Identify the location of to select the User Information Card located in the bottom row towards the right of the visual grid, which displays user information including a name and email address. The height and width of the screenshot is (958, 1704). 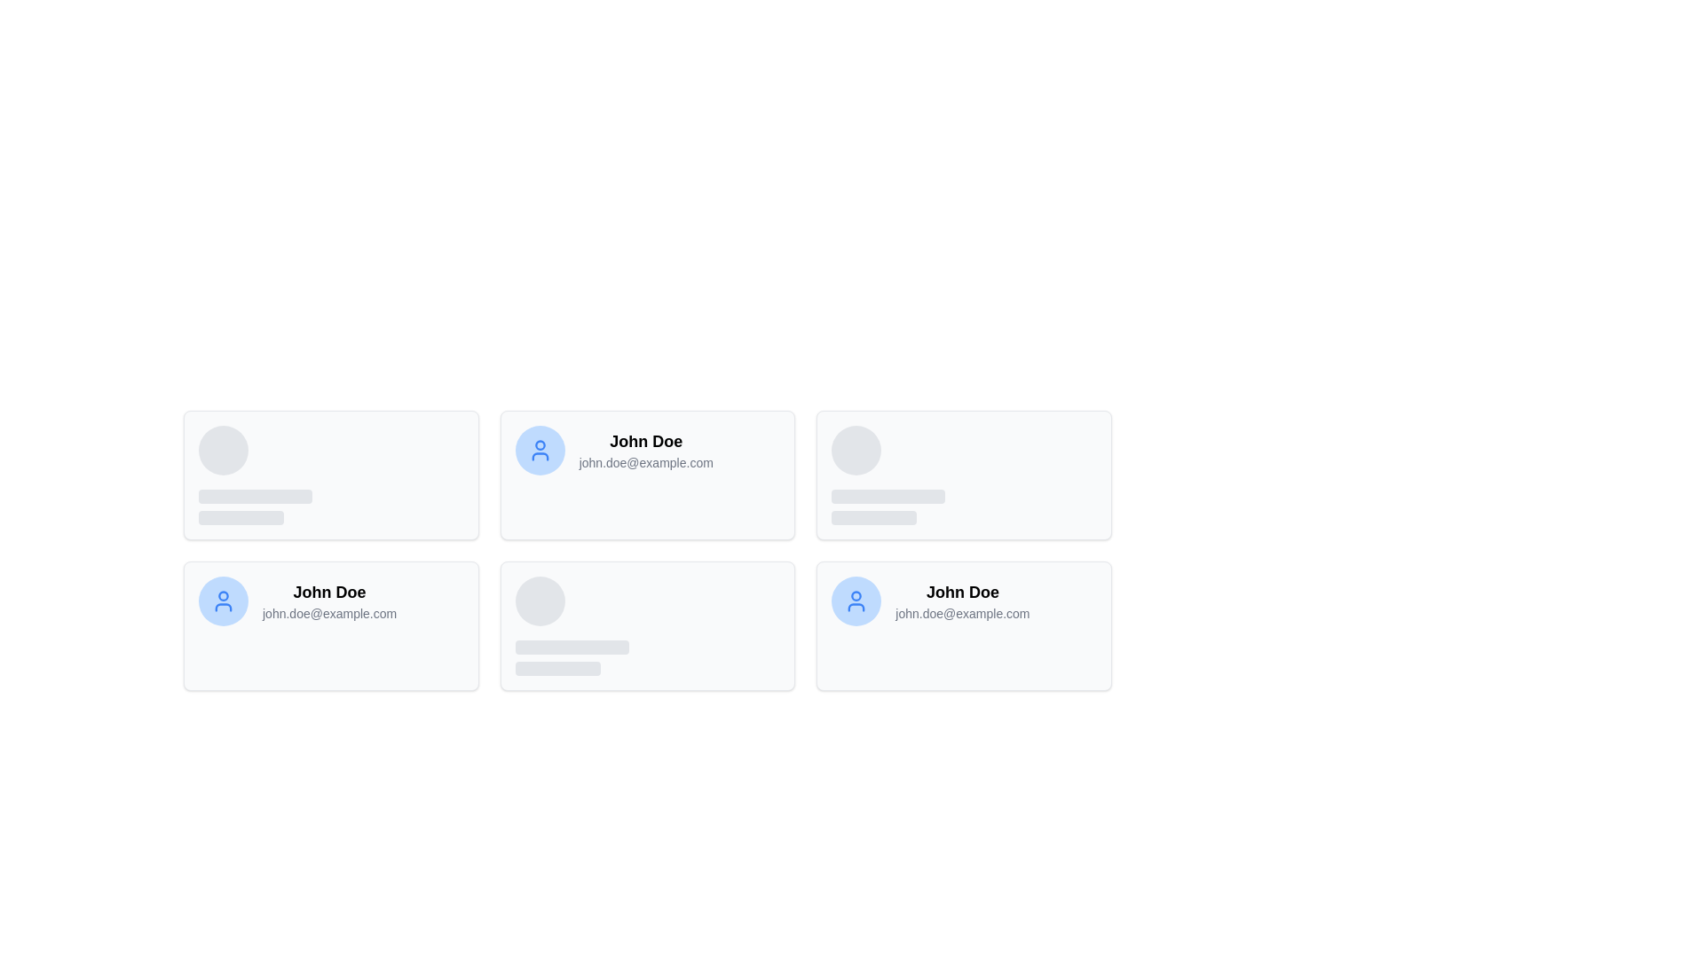
(929, 601).